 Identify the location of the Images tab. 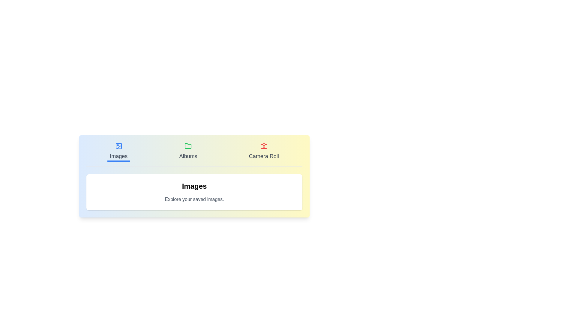
(118, 151).